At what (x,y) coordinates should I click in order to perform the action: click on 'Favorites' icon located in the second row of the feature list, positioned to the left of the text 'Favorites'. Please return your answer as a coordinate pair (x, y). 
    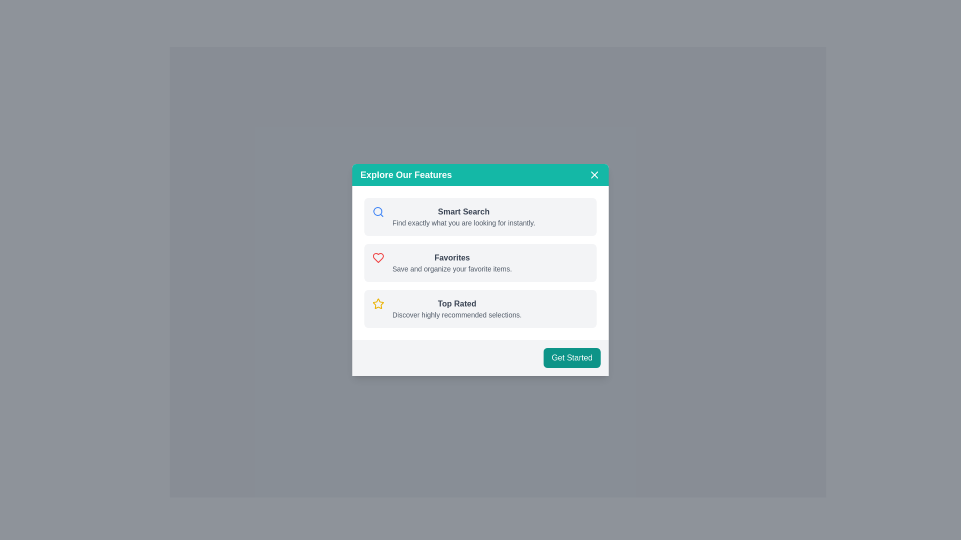
    Looking at the image, I should click on (377, 257).